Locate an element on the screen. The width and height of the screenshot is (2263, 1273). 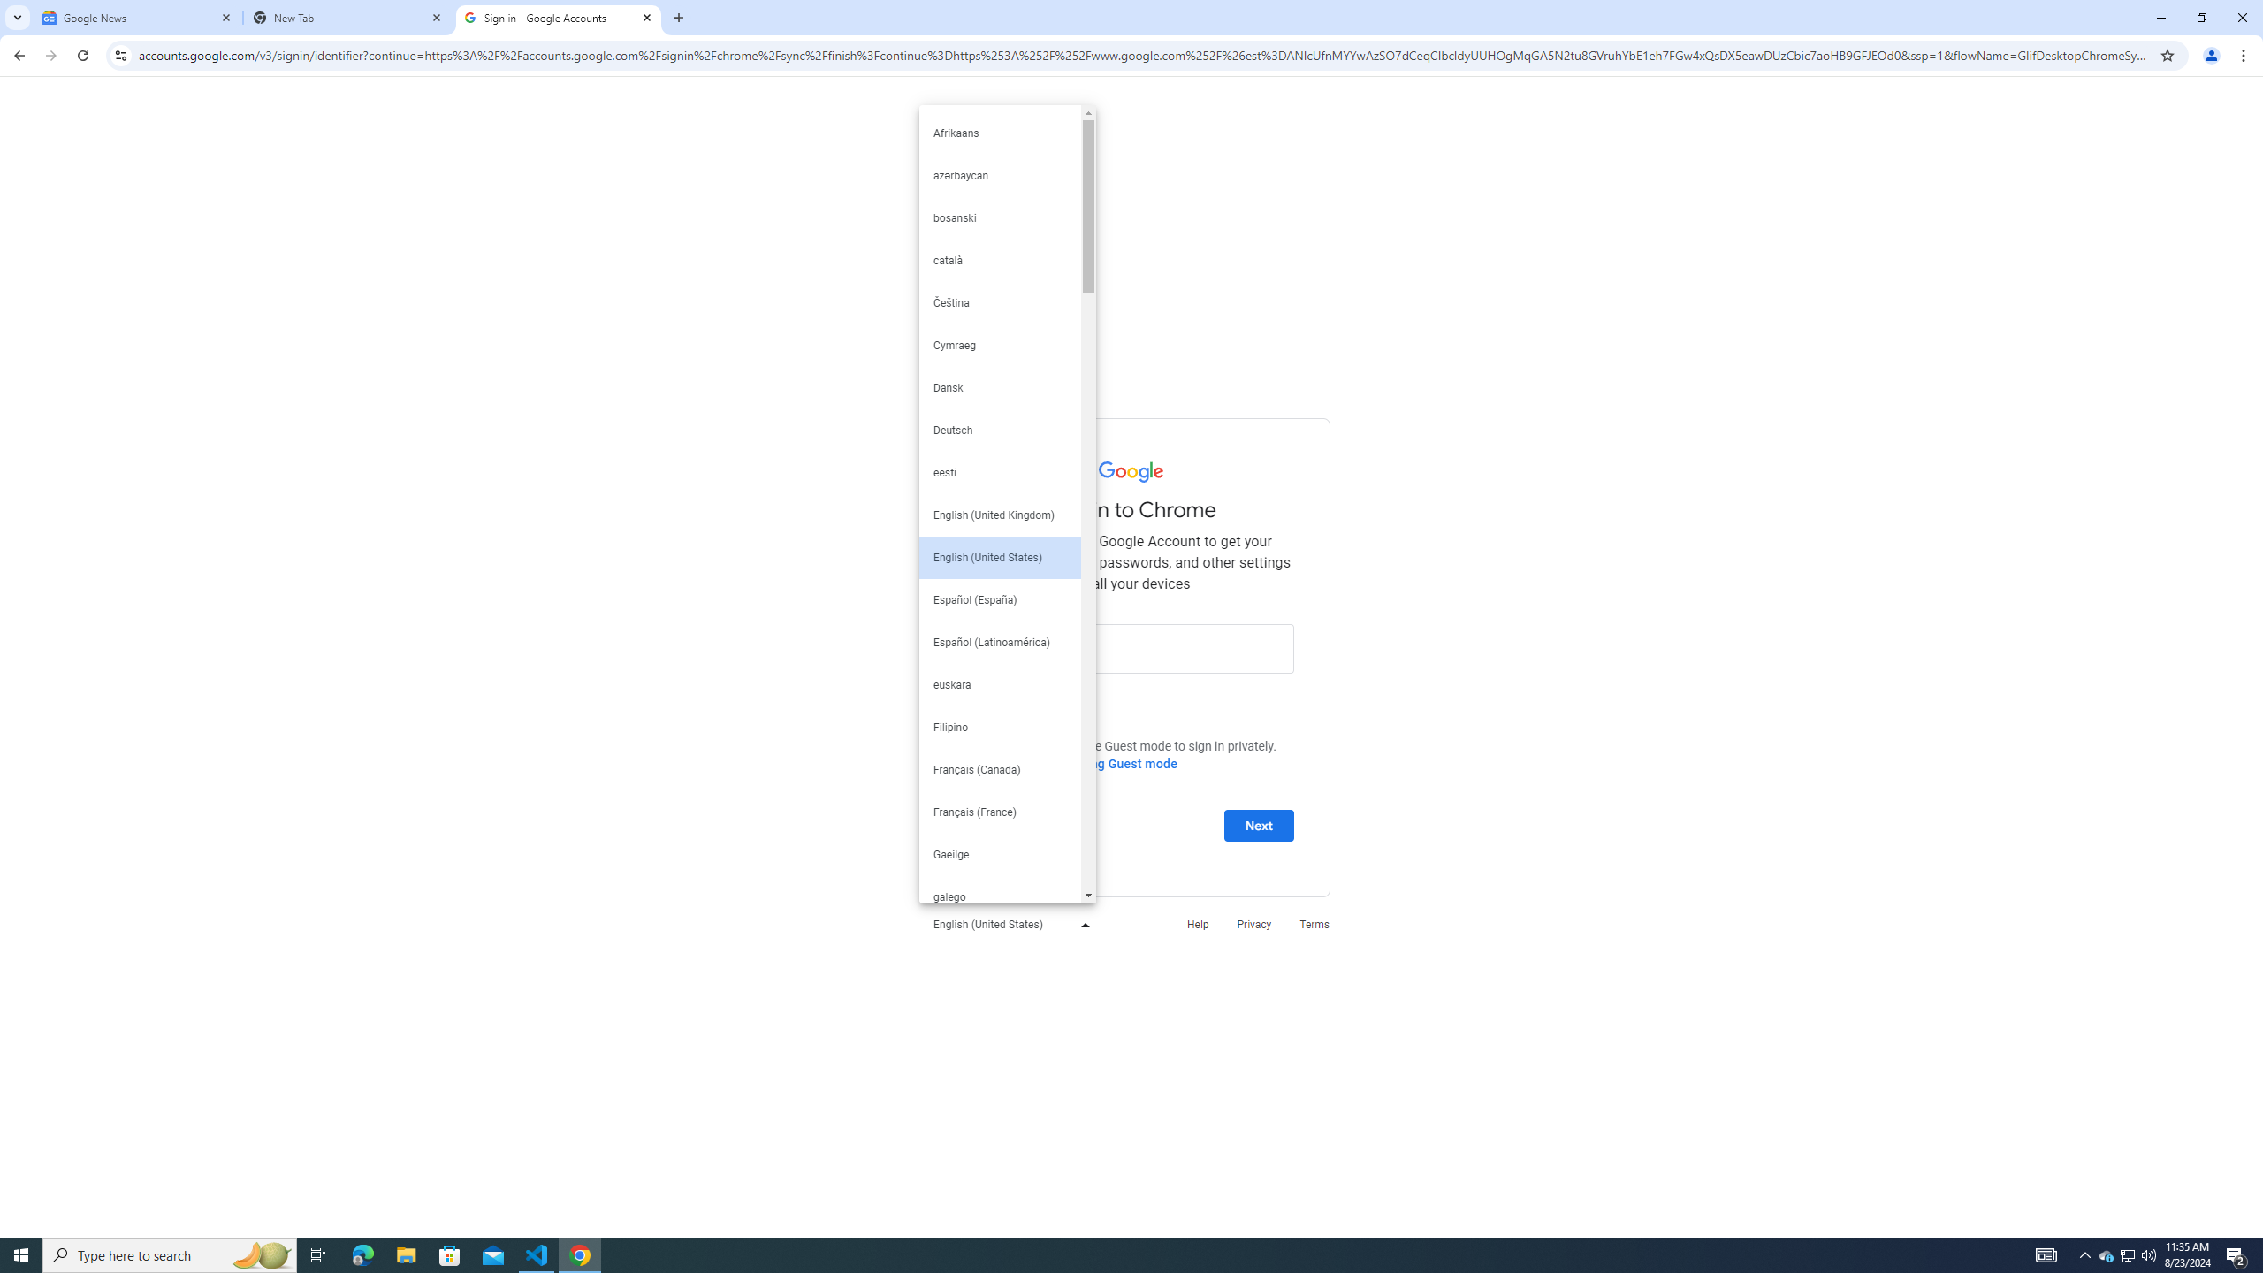
'Email or phone' is located at coordinates (1131, 646).